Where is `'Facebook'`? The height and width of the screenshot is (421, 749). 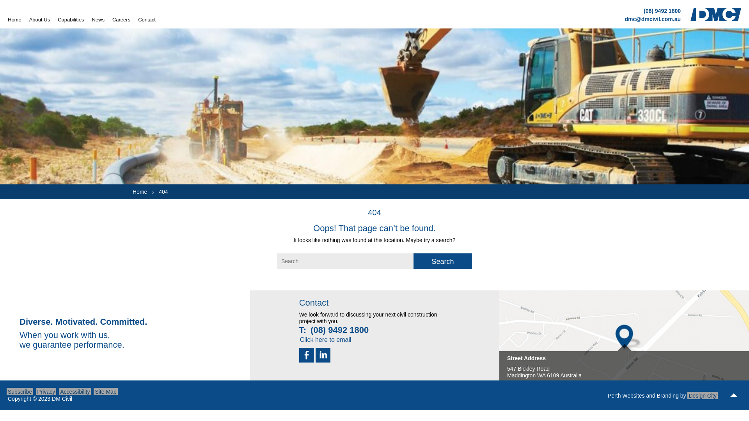 'Facebook' is located at coordinates (299, 355).